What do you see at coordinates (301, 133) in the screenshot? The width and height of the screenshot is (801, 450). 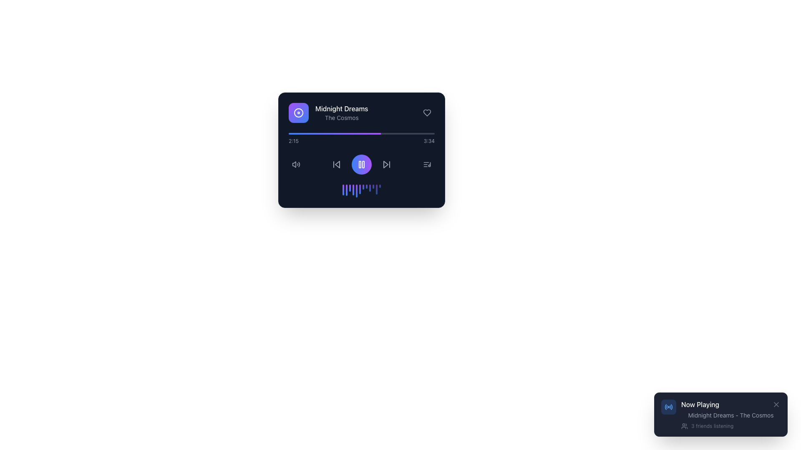 I see `playback progress` at bounding box center [301, 133].